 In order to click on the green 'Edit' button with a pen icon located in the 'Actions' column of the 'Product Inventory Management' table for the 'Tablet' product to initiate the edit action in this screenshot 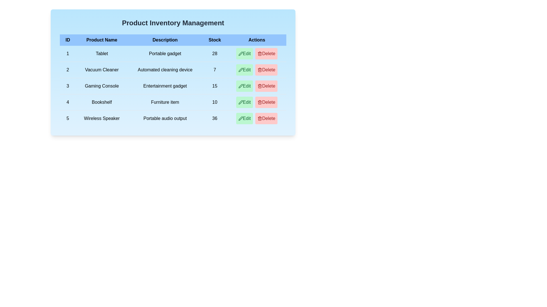, I will do `click(244, 54)`.